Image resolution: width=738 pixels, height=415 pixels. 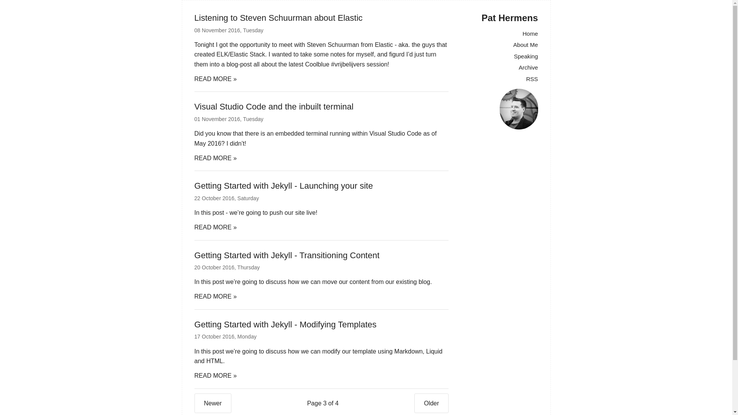 I want to click on 'Listening to Steven Schuurman about Elastic', so click(x=278, y=17).